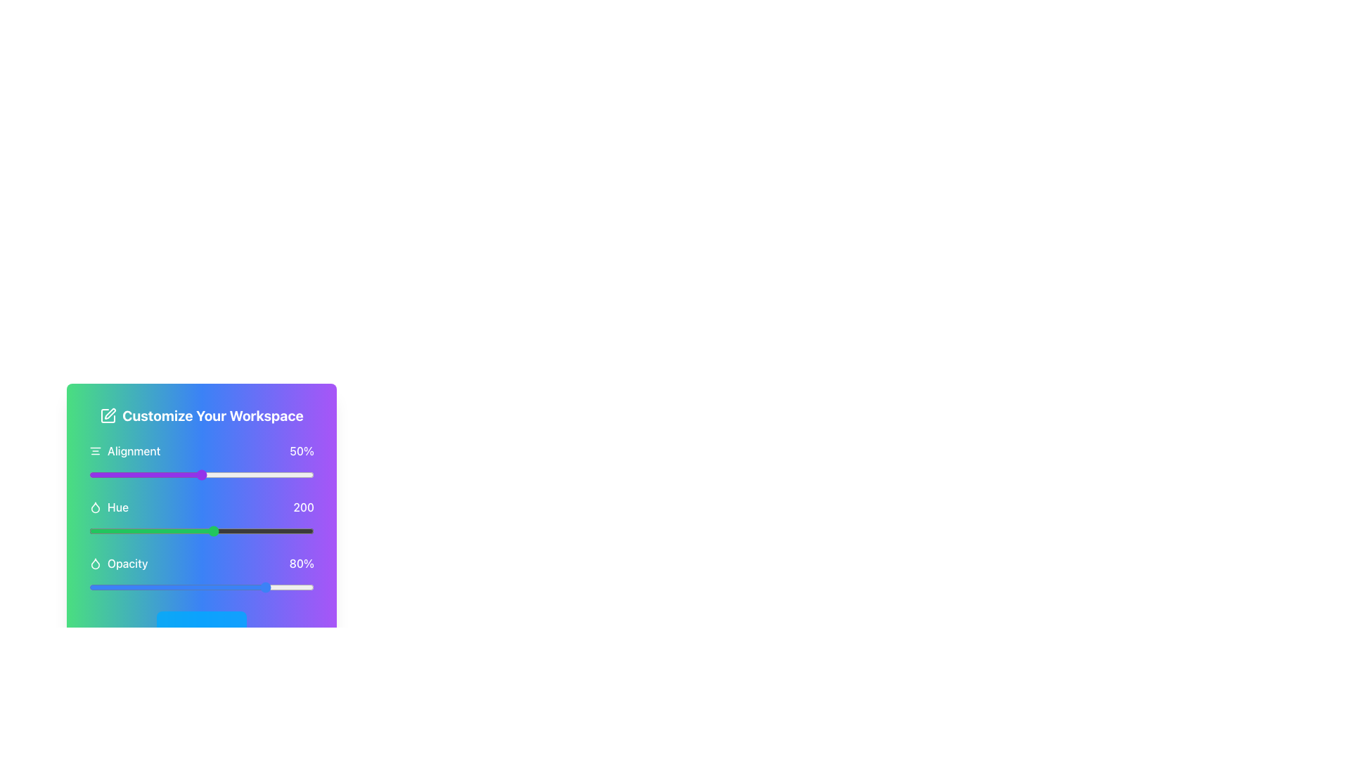  What do you see at coordinates (125, 588) in the screenshot?
I see `the opacity slider` at bounding box center [125, 588].